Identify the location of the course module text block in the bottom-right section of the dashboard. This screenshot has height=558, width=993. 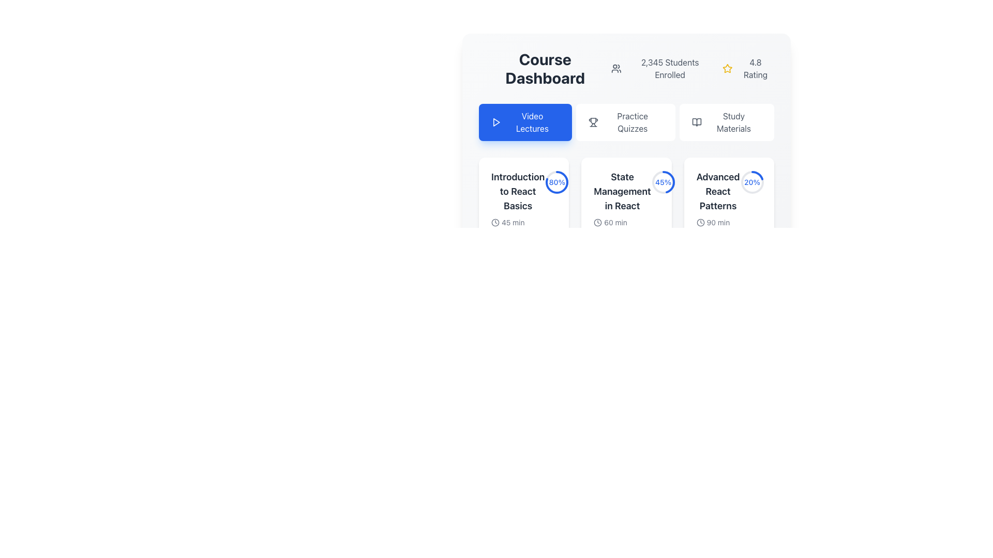
(728, 210).